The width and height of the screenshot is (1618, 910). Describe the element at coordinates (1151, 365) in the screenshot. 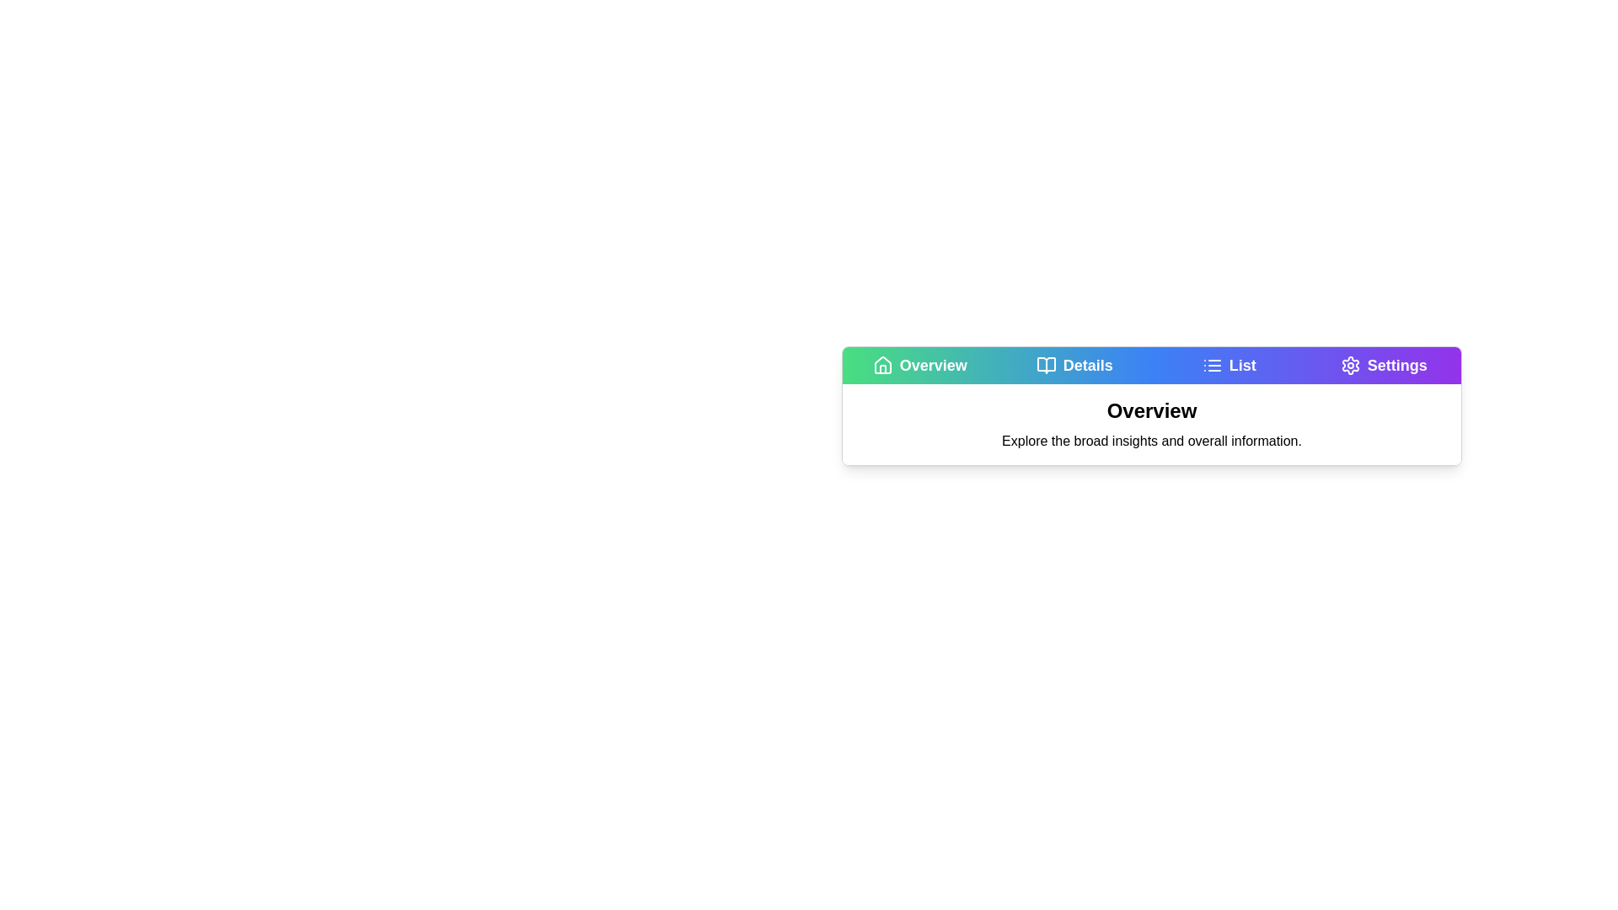

I see `the 'Details' section of the Navigation Bar located at the top of the interface, which allows access to specific views` at that location.